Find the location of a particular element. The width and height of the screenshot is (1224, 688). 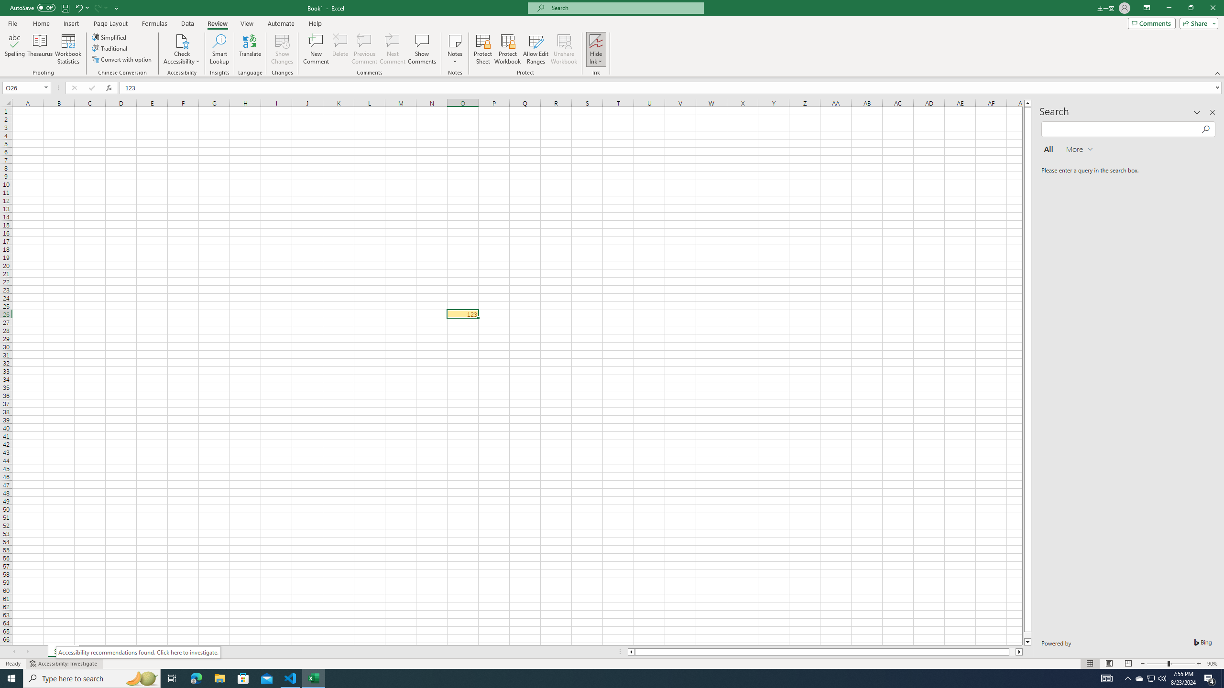

'Delete' is located at coordinates (339, 49).